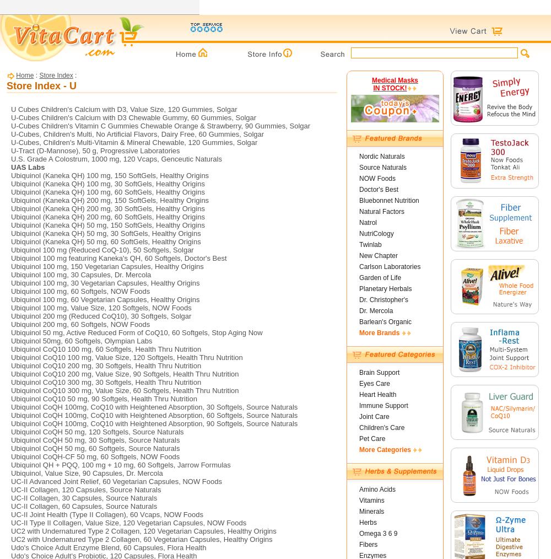  I want to click on 'Heart Health', so click(359, 394).